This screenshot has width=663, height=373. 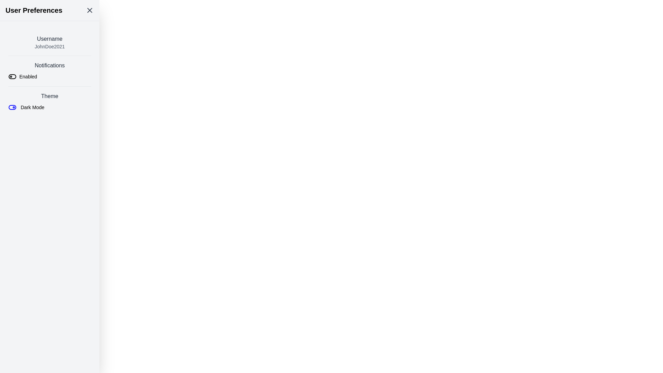 I want to click on 'Enabled' text label in the Notifications section of the User Preferences menu to understand the current state of the toggle, so click(x=28, y=77).